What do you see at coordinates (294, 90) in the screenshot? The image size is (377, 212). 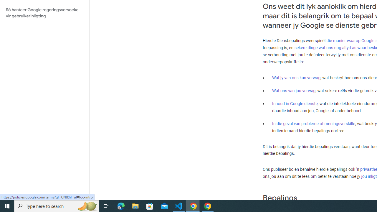 I see `'Wat ons van jou verwag'` at bounding box center [294, 90].